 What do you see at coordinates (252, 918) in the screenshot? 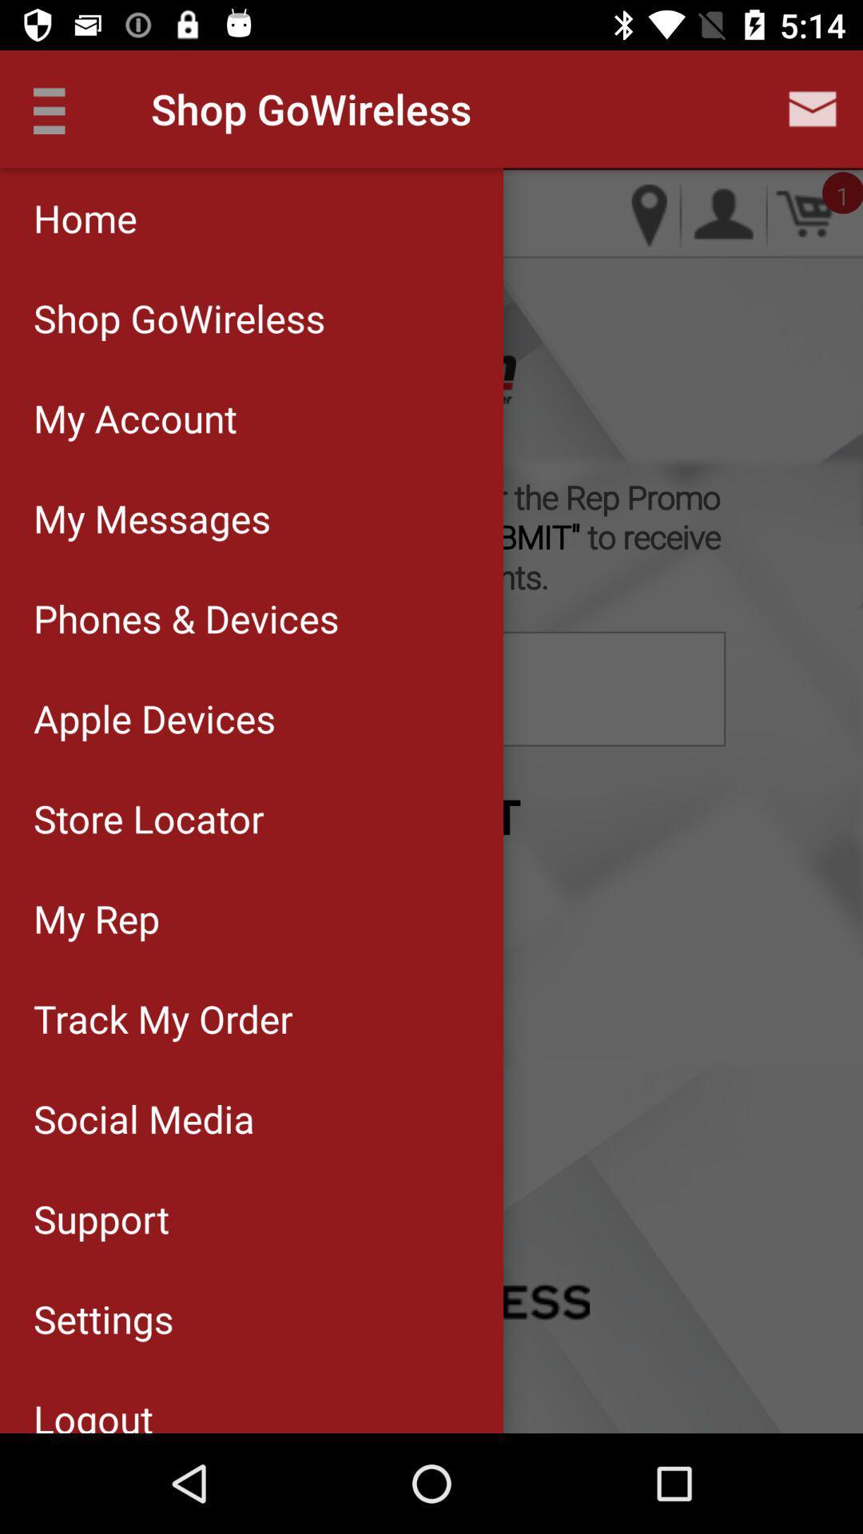
I see `my rep icon` at bounding box center [252, 918].